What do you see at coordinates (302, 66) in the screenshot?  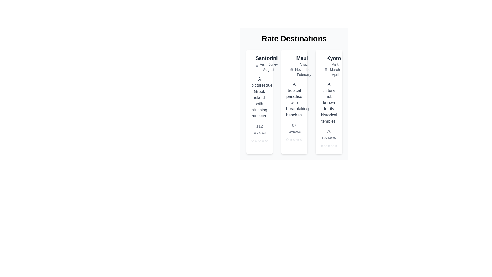 I see `the label displaying the destination title 'Maui' with the subtitle 'Visit: November-February', positioned between 'Santorini' and 'Kyoto'` at bounding box center [302, 66].